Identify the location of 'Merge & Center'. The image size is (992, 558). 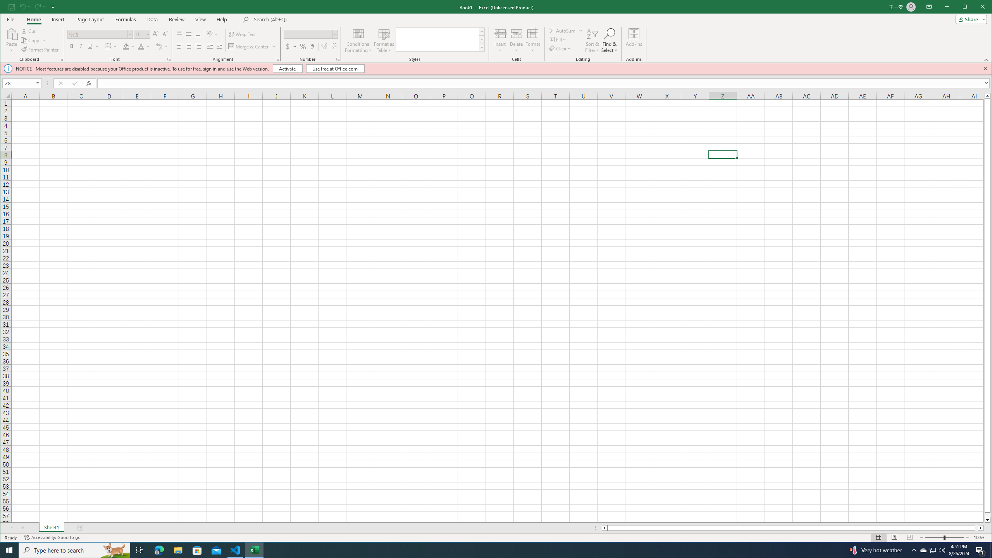
(248, 46).